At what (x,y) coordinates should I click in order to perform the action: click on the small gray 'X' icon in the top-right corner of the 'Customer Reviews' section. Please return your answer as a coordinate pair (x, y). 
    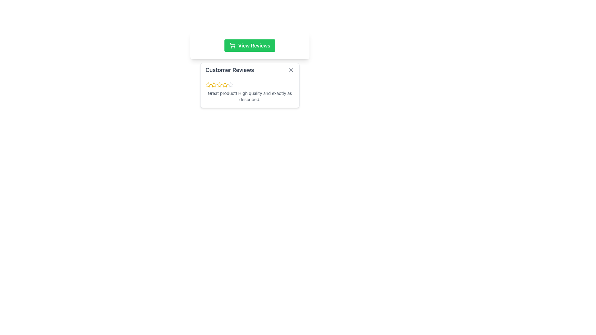
    Looking at the image, I should click on (291, 70).